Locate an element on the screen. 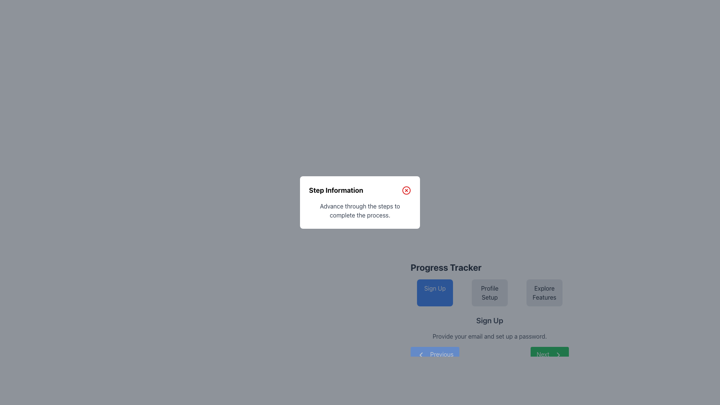 The height and width of the screenshot is (405, 720). the Text label indicating the current step in the Progress Tracker section, which is located centrally below the row of buttons like 'Sign Up' and 'Profile Setup' is located at coordinates (489, 321).